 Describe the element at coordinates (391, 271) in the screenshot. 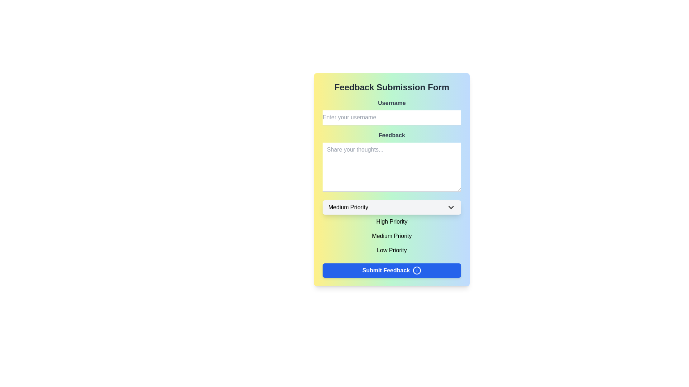

I see `the 'Submit Feedback' button, which is a rectangular button with a blue background and white text, located at the bottom of the form interface` at that location.